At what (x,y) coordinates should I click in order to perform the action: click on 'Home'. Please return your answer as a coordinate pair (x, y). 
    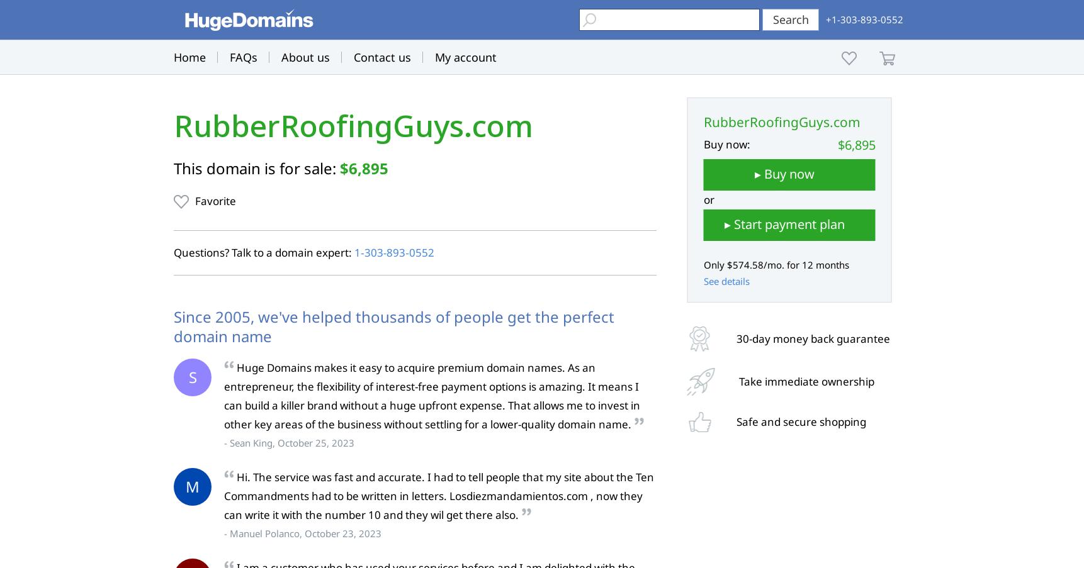
    Looking at the image, I should click on (189, 57).